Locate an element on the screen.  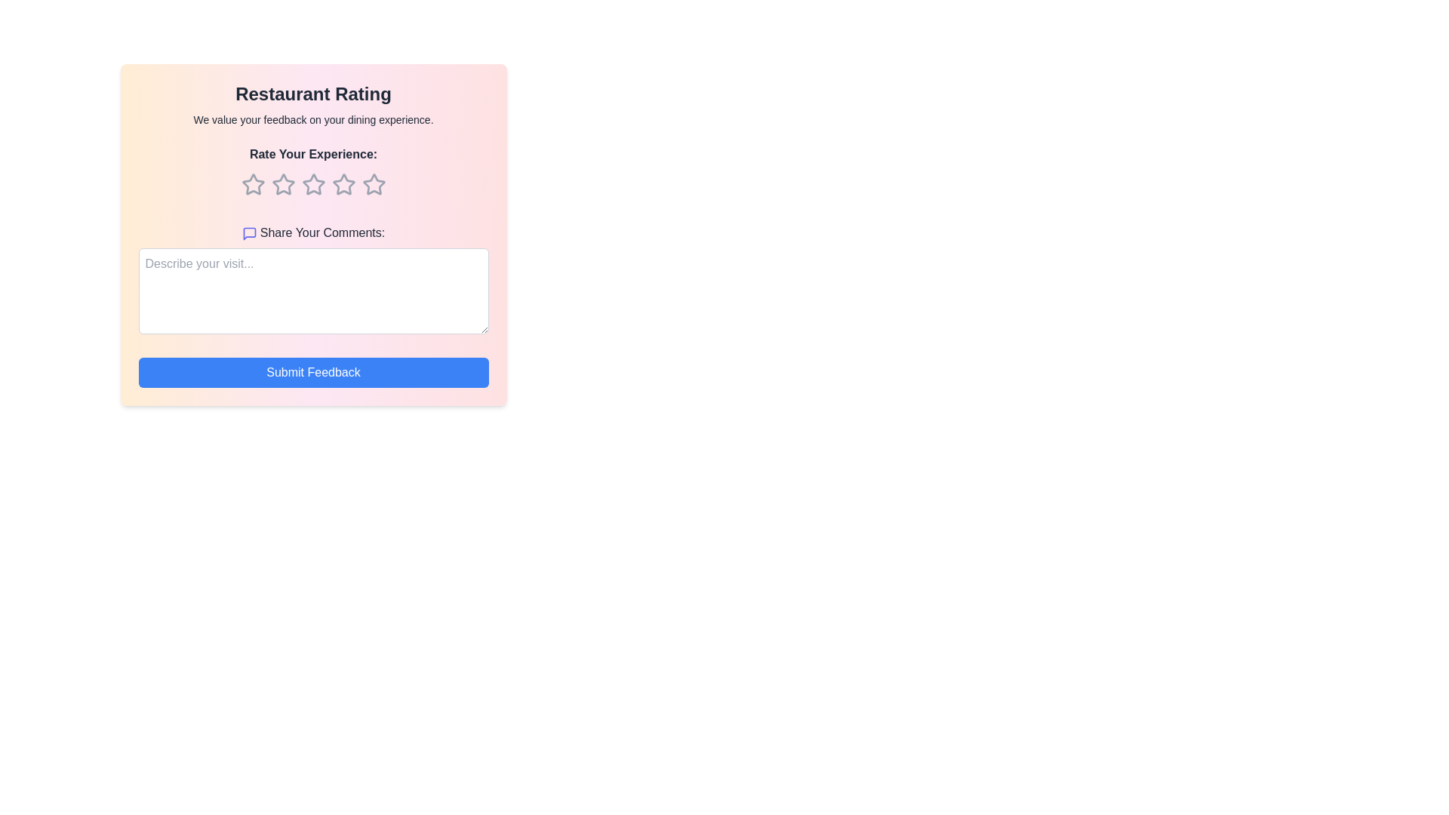
the comment icon located immediately to the left of the text 'Share Your Comments:' is located at coordinates (249, 233).